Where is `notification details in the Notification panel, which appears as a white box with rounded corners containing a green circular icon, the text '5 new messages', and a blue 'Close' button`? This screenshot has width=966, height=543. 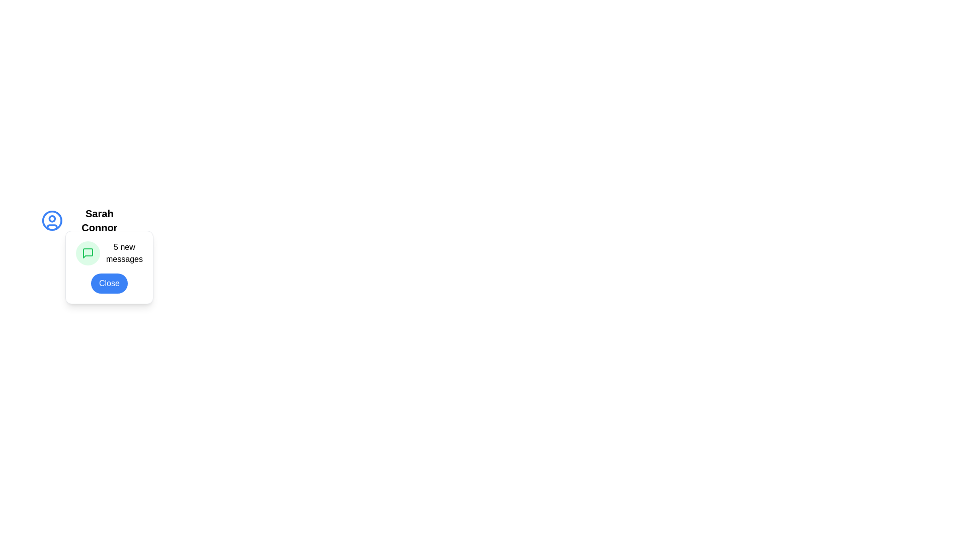 notification details in the Notification panel, which appears as a white box with rounded corners containing a green circular icon, the text '5 new messages', and a blue 'Close' button is located at coordinates (109, 267).